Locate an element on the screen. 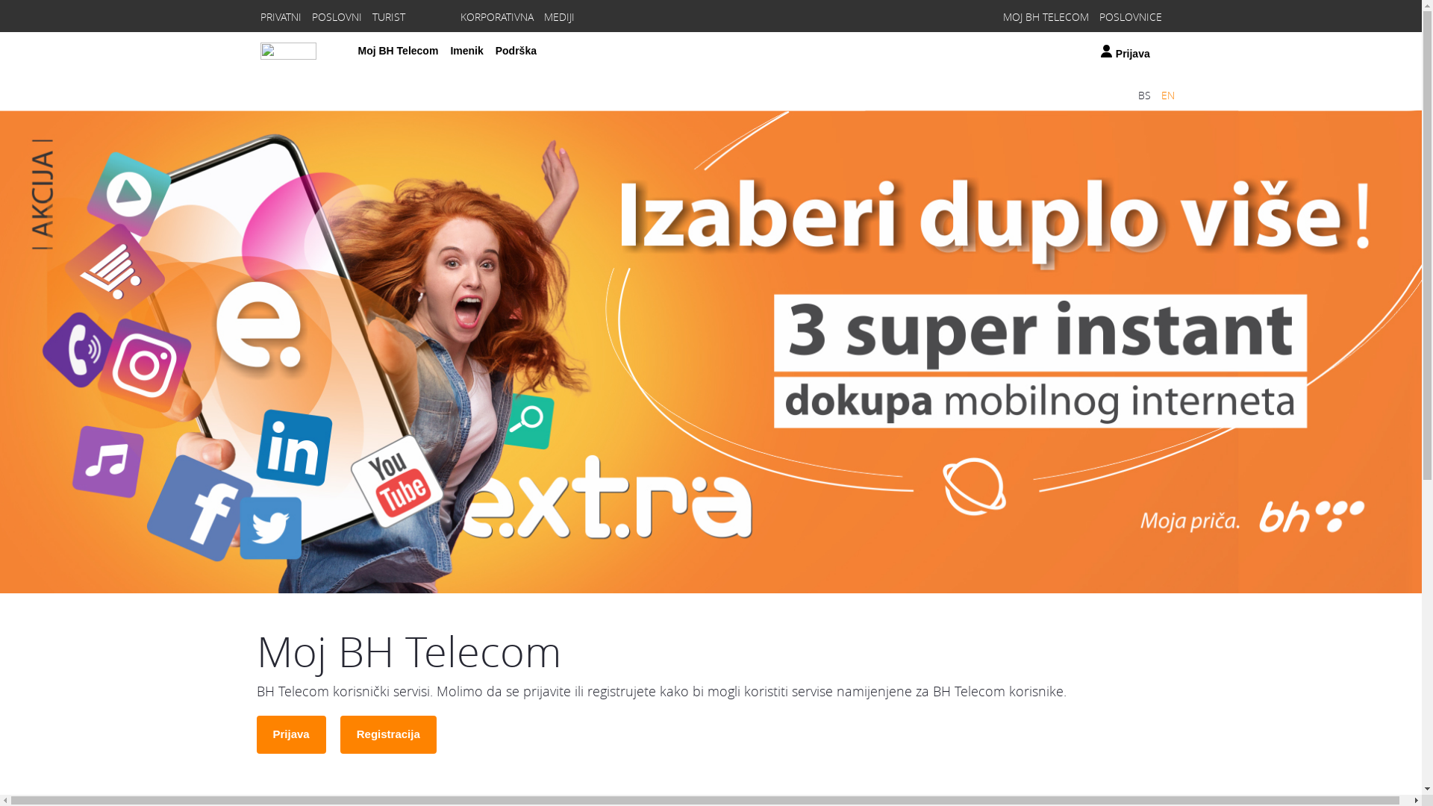 This screenshot has height=806, width=1433. 'Moj BH Telecom' is located at coordinates (398, 50).